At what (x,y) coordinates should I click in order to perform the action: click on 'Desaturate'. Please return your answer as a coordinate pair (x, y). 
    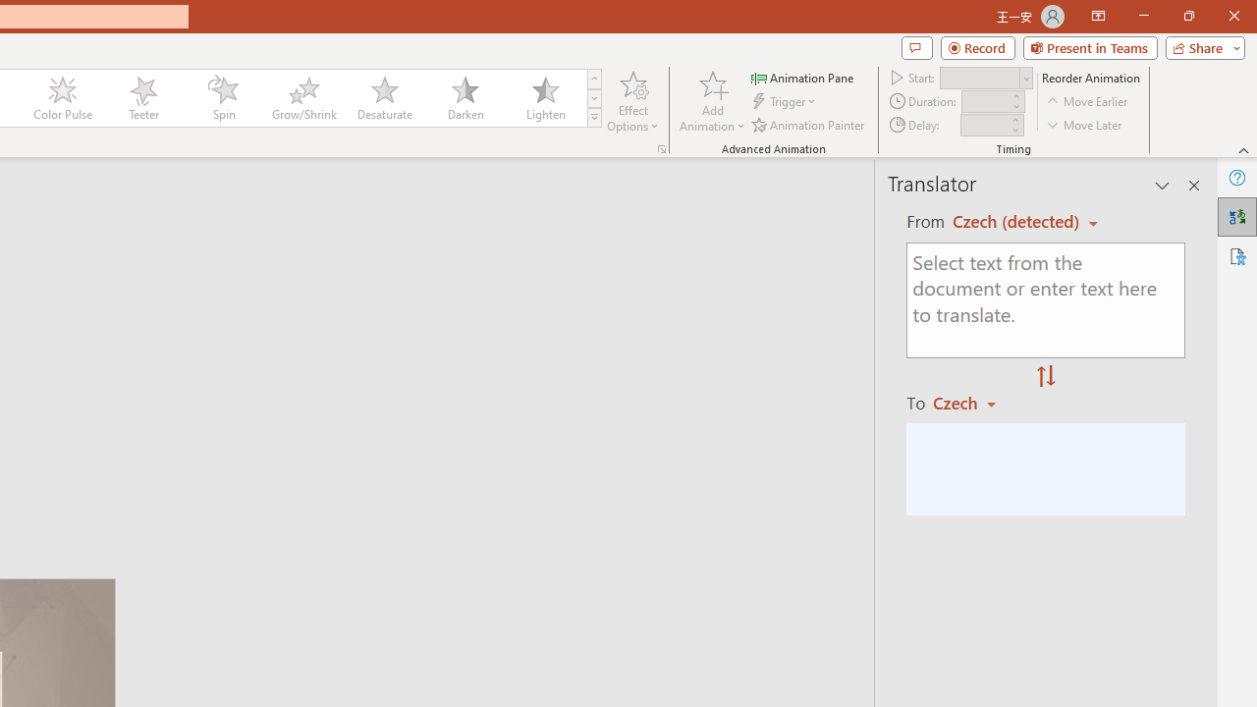
    Looking at the image, I should click on (384, 98).